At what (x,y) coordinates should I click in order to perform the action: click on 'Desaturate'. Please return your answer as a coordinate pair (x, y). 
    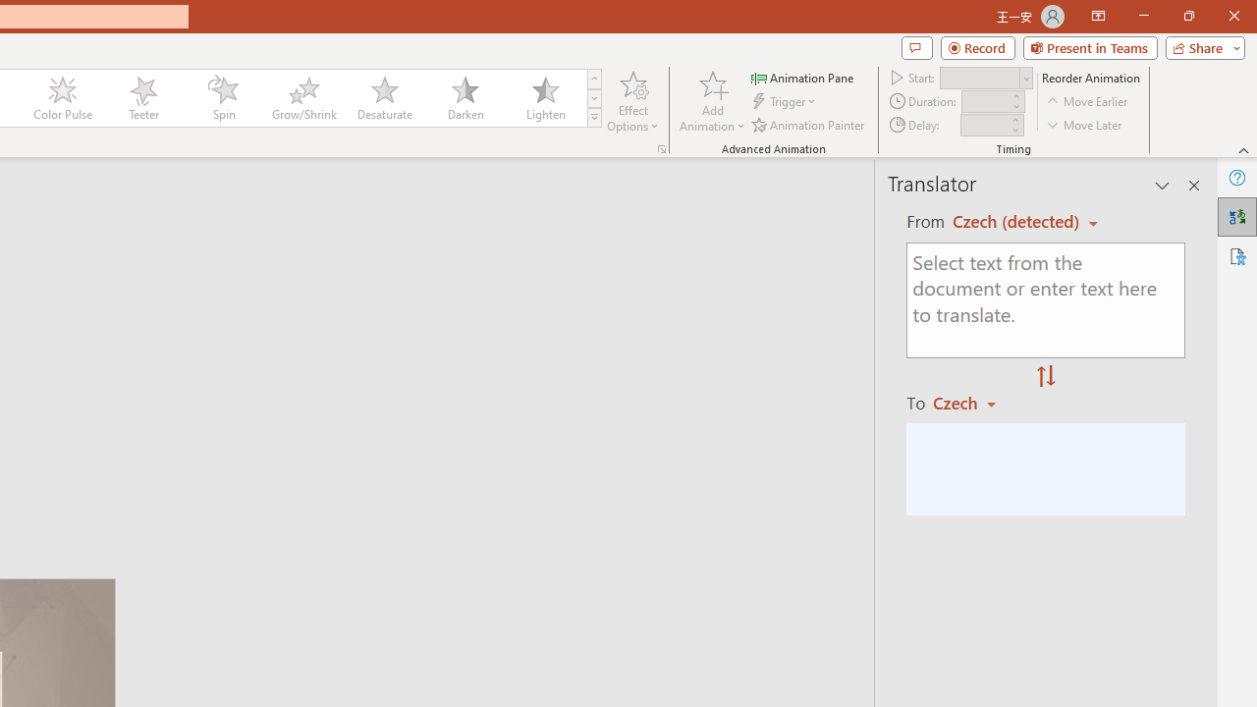
    Looking at the image, I should click on (384, 98).